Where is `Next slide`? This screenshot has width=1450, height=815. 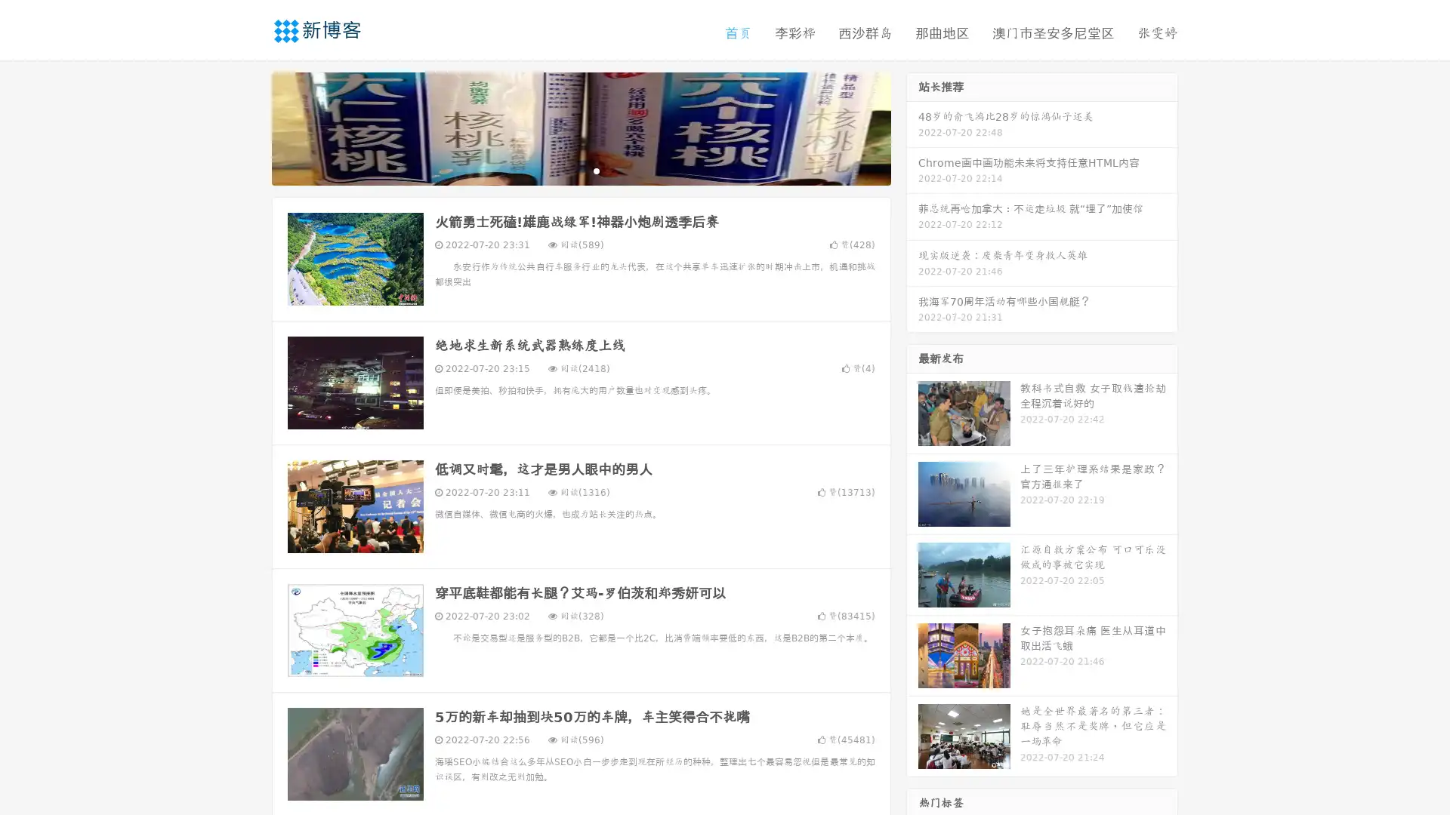
Next slide is located at coordinates (912, 127).